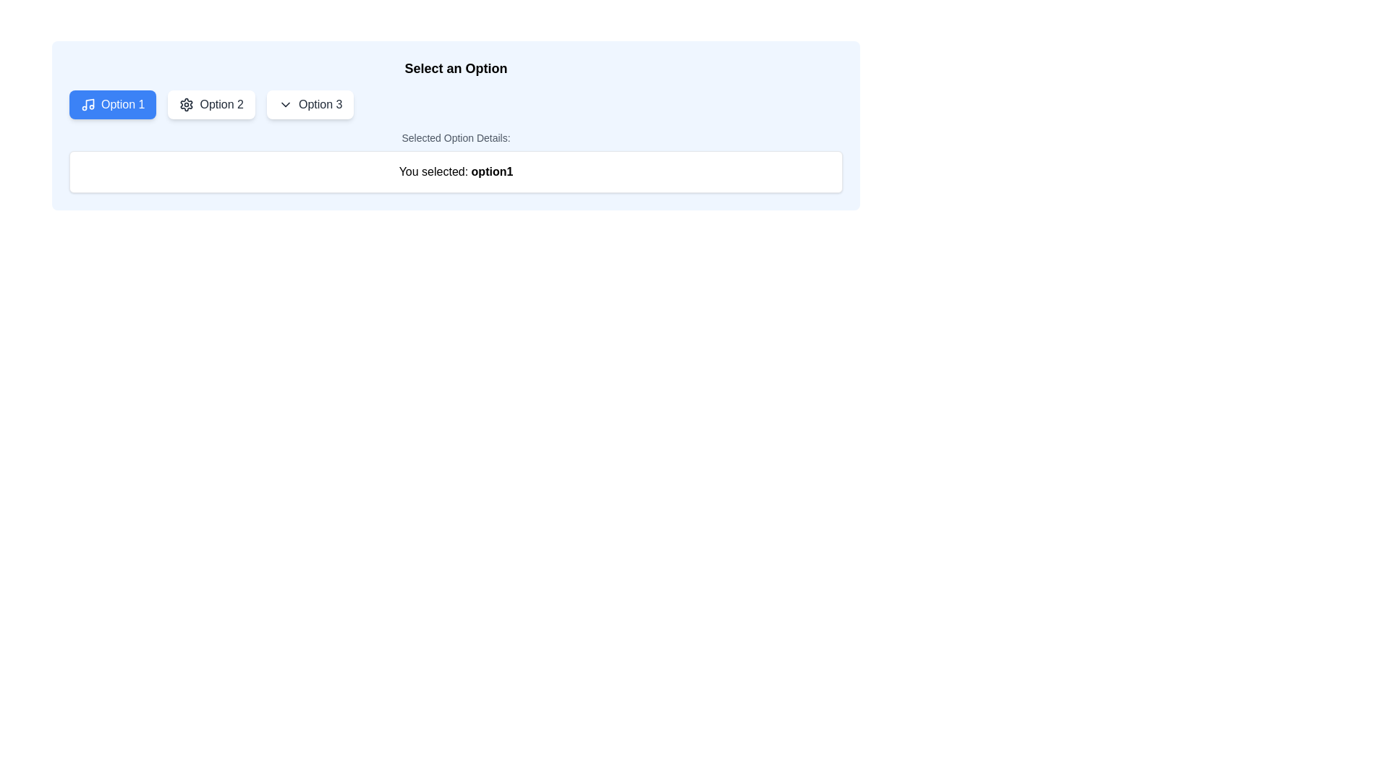  Describe the element at coordinates (285, 104) in the screenshot. I see `the dropdown icon located on the right side of the 'Option 3' button` at that location.